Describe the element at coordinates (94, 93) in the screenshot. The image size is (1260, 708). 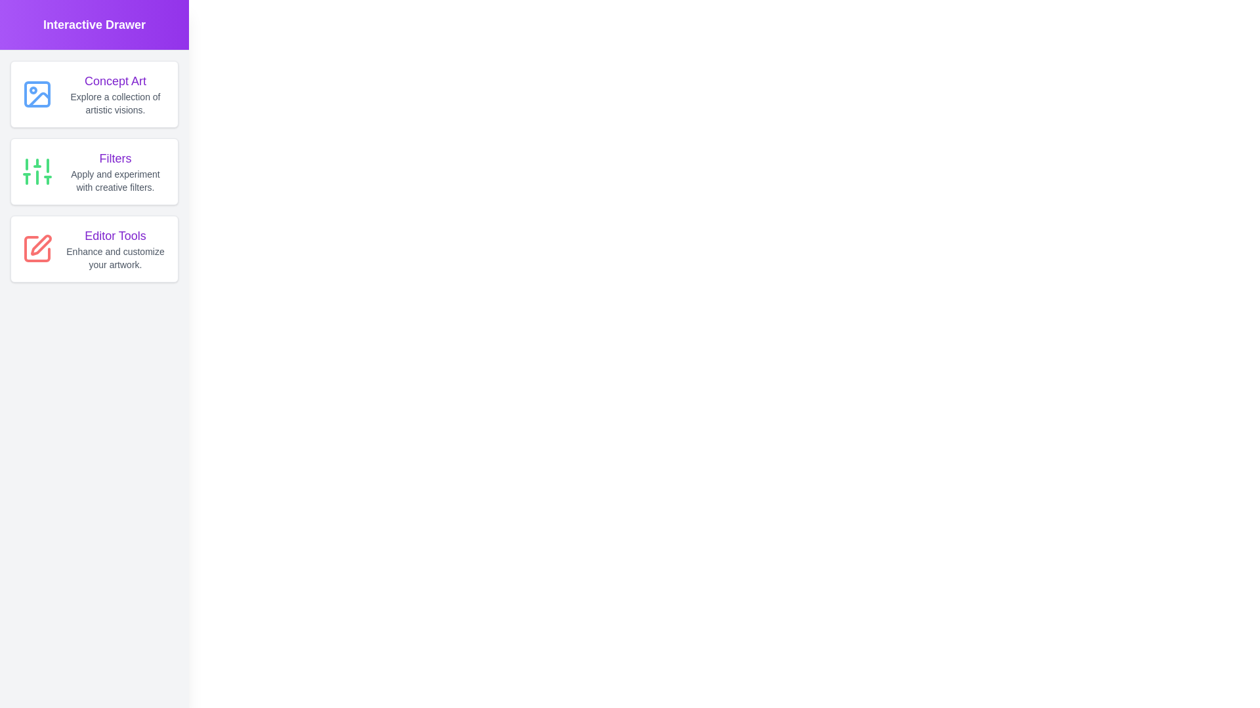
I see `the item Concept Art from the drawer list` at that location.